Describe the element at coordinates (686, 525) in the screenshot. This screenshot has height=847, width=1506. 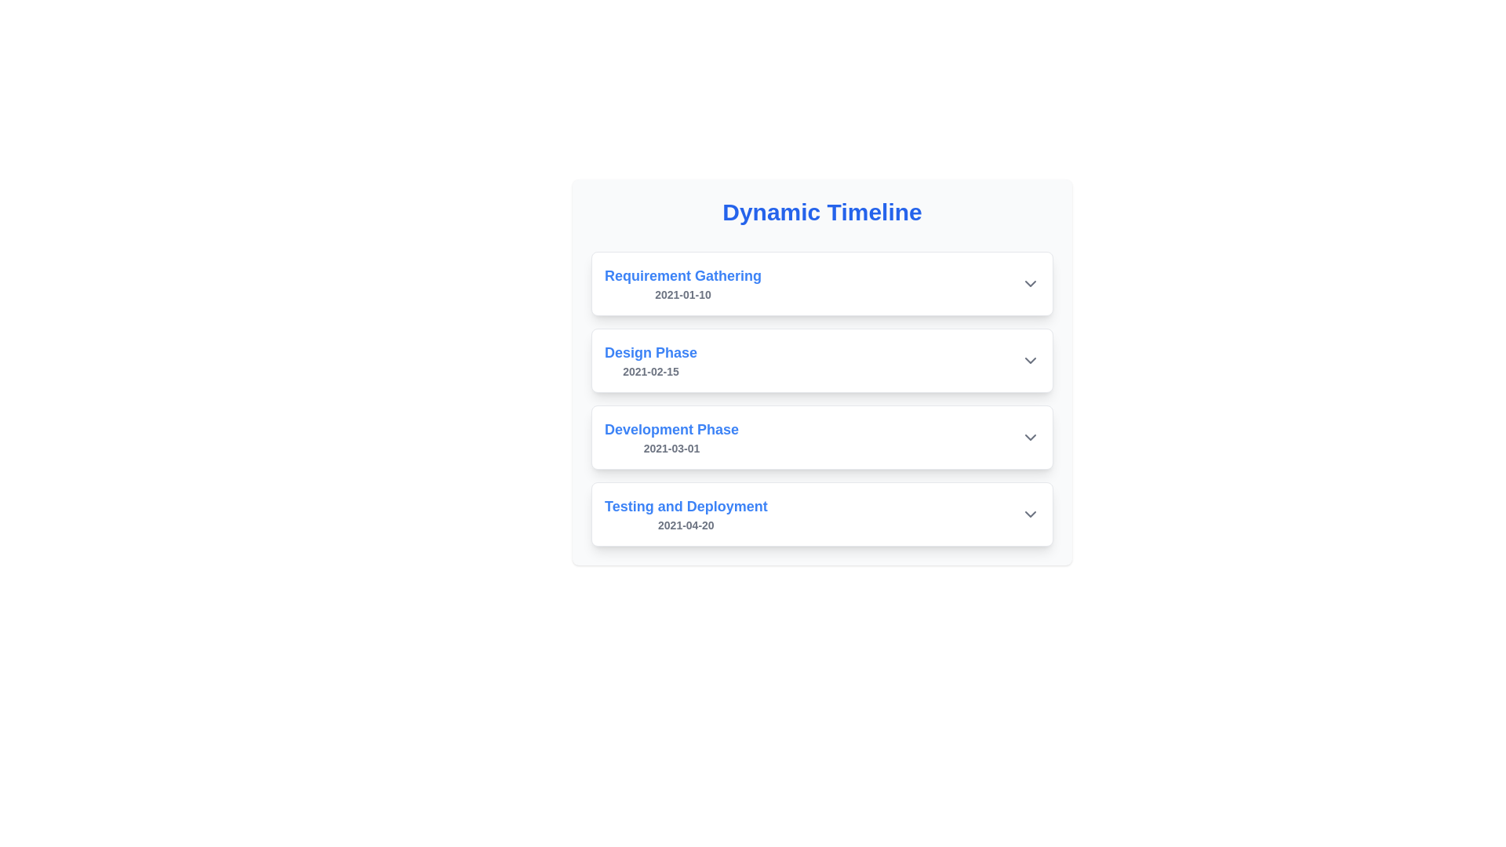
I see `the date label displaying '2021-04-20' located below the title 'Testing and Deployment' in its card section` at that location.